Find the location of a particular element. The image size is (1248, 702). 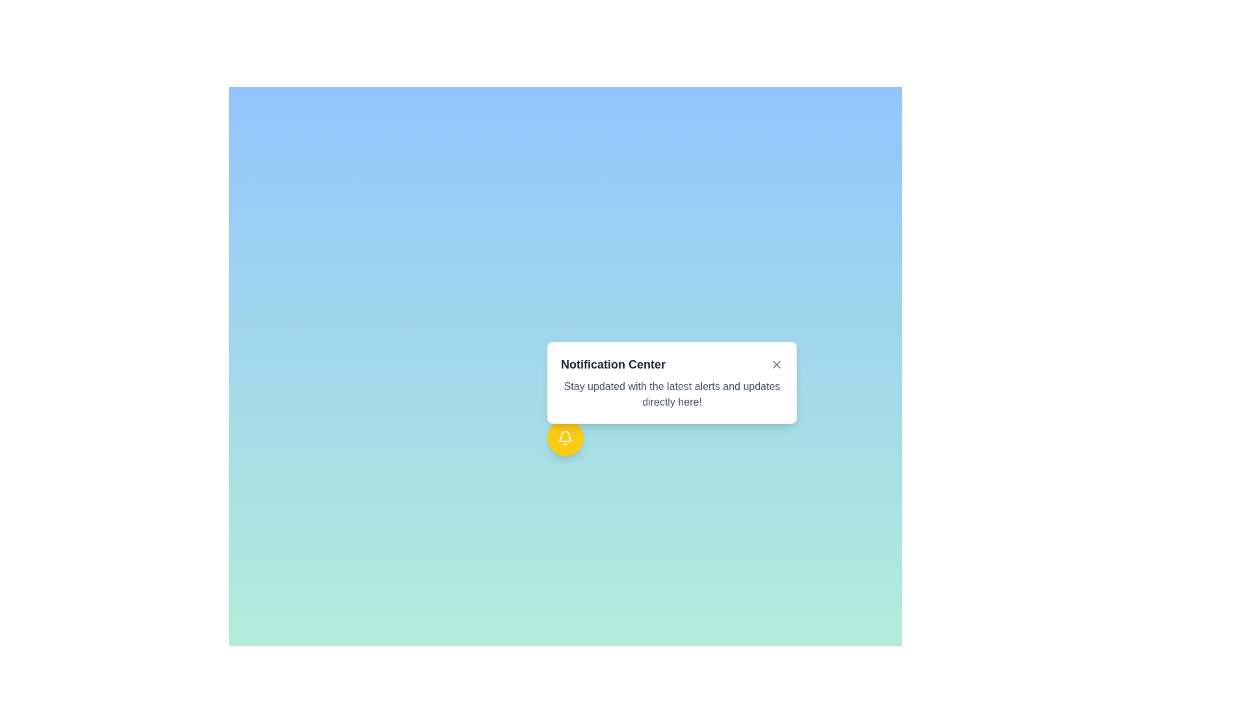

the close button located to the right of the 'Notification Center' text in the notification header bar to trigger hover effects is located at coordinates (777, 364).